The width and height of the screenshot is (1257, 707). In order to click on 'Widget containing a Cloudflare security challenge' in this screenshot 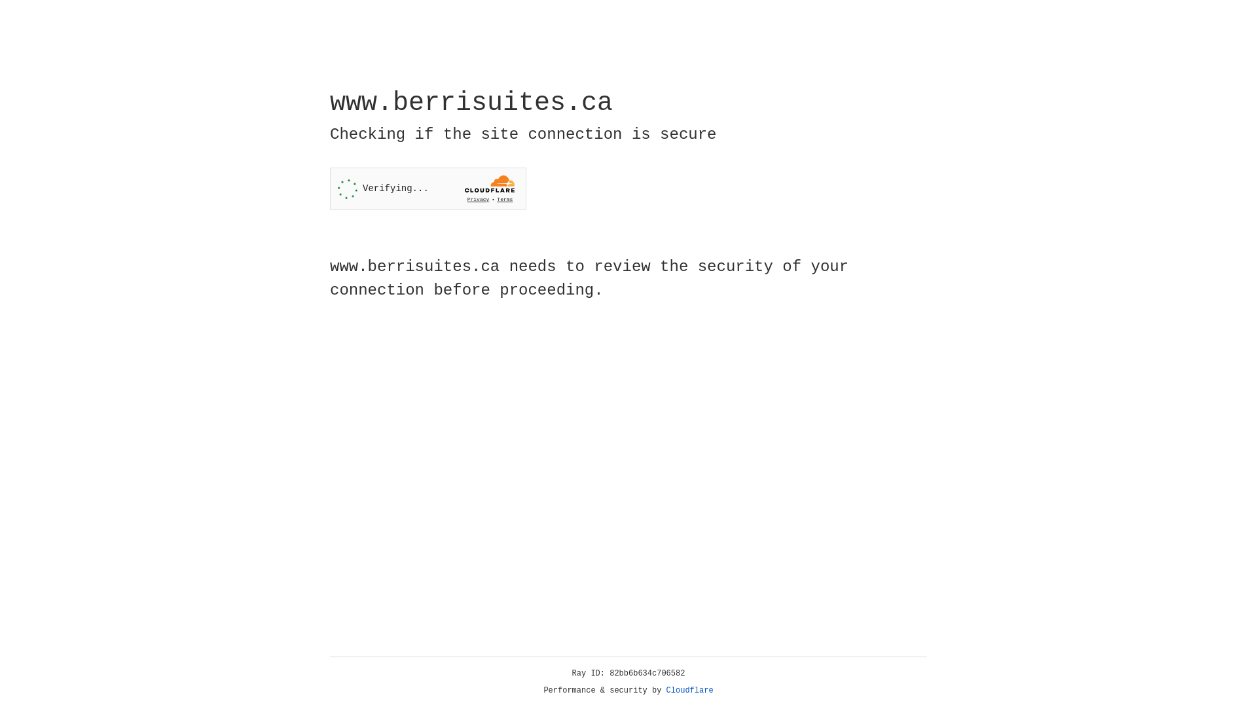, I will do `click(428, 189)`.